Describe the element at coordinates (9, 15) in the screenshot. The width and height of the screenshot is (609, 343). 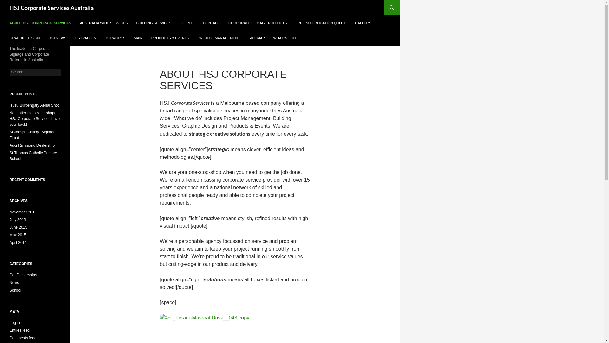
I see `'SKIP TO CONTENT'` at that location.